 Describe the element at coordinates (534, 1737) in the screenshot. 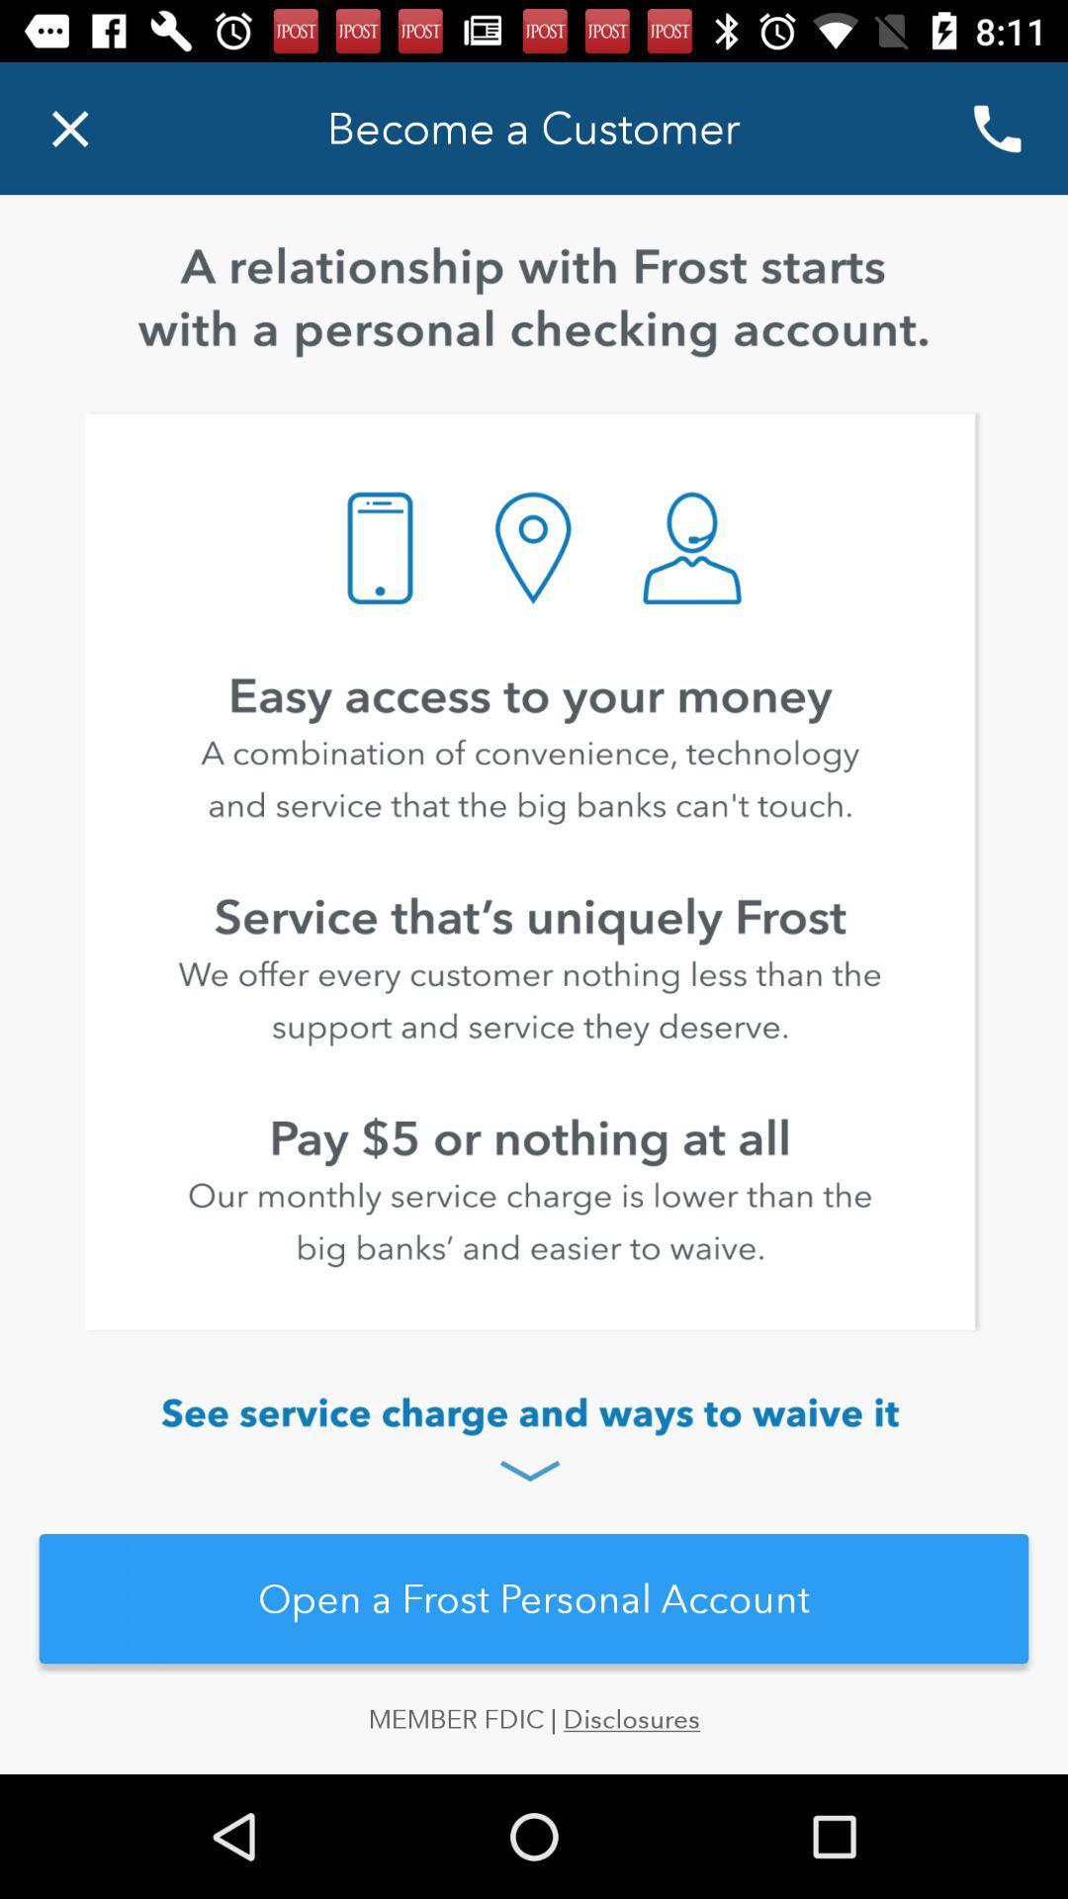

I see `the member fdic | disclosures` at that location.